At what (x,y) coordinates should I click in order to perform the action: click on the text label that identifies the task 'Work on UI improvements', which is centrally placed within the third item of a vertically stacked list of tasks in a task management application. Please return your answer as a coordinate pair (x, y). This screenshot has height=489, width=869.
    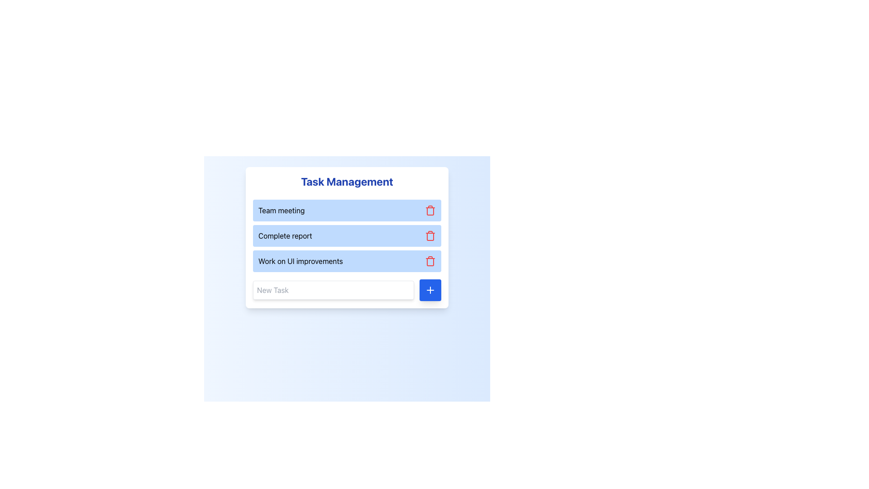
    Looking at the image, I should click on (301, 261).